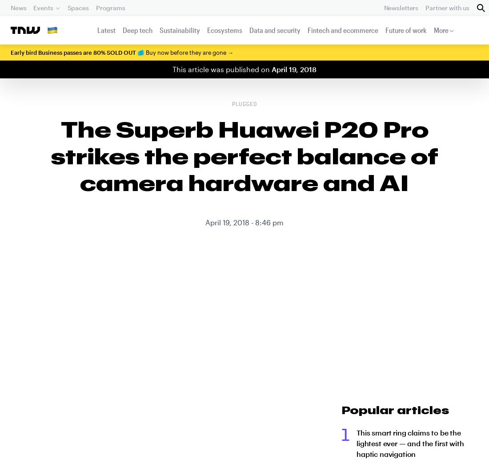 The width and height of the screenshot is (489, 464). Describe the element at coordinates (77, 7) in the screenshot. I see `'Spaces'` at that location.